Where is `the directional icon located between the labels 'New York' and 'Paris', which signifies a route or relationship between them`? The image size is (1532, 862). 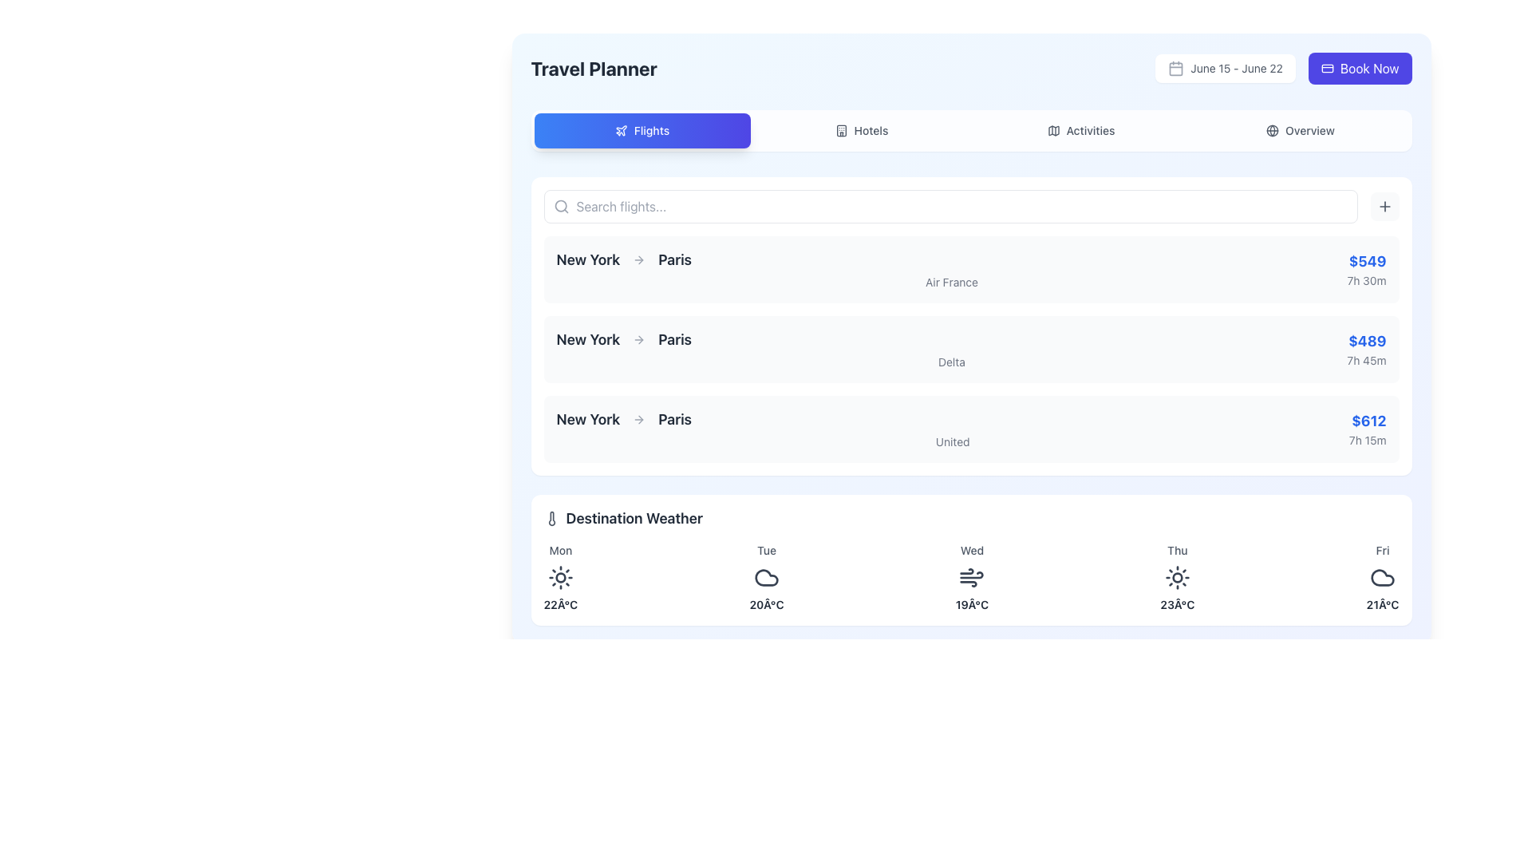
the directional icon located between the labels 'New York' and 'Paris', which signifies a route or relationship between them is located at coordinates (639, 418).